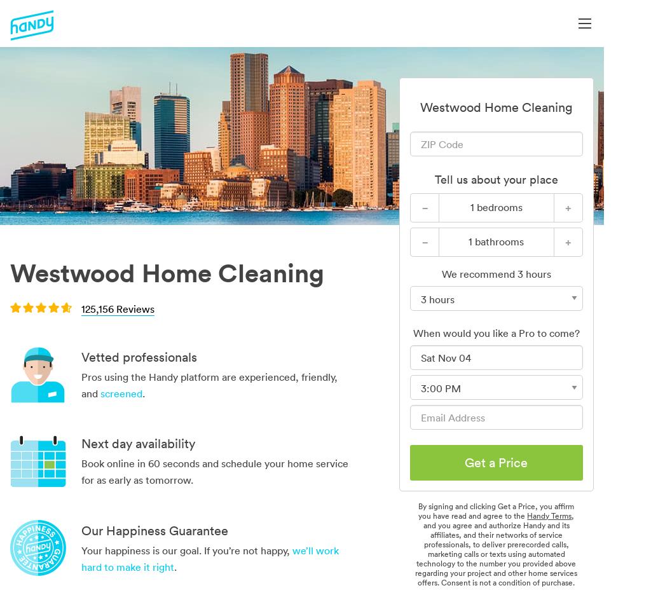 This screenshot has width=651, height=595. Describe the element at coordinates (633, 180) in the screenshot. I see `'Blog'` at that location.